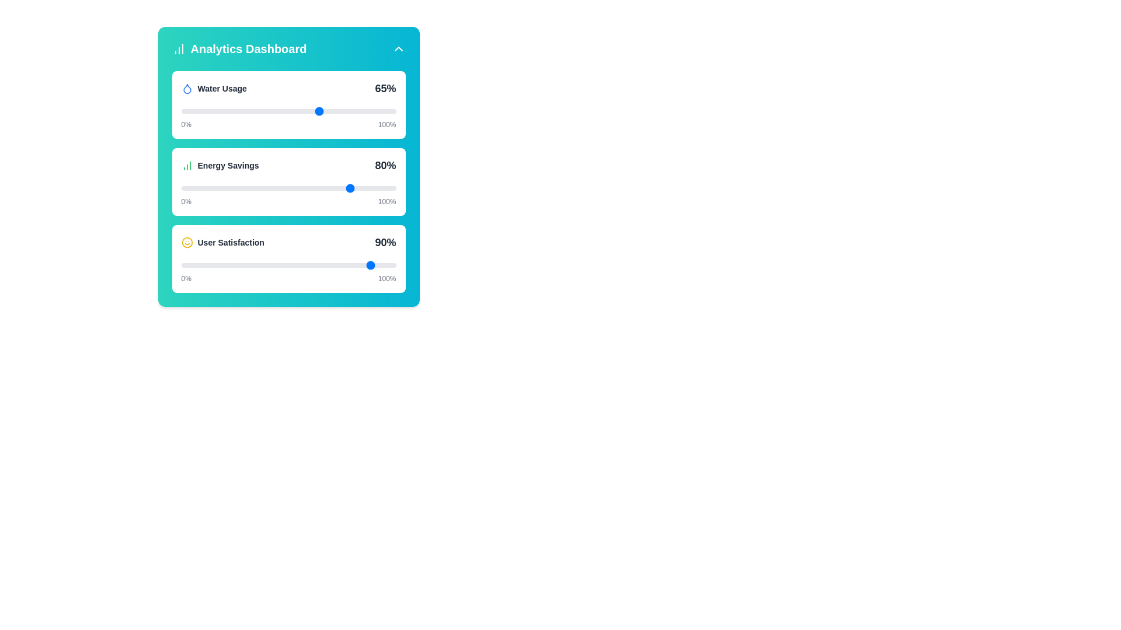  Describe the element at coordinates (231, 242) in the screenshot. I see `the 'User Satisfaction' text label element in the 'Analytics Dashboard'` at that location.